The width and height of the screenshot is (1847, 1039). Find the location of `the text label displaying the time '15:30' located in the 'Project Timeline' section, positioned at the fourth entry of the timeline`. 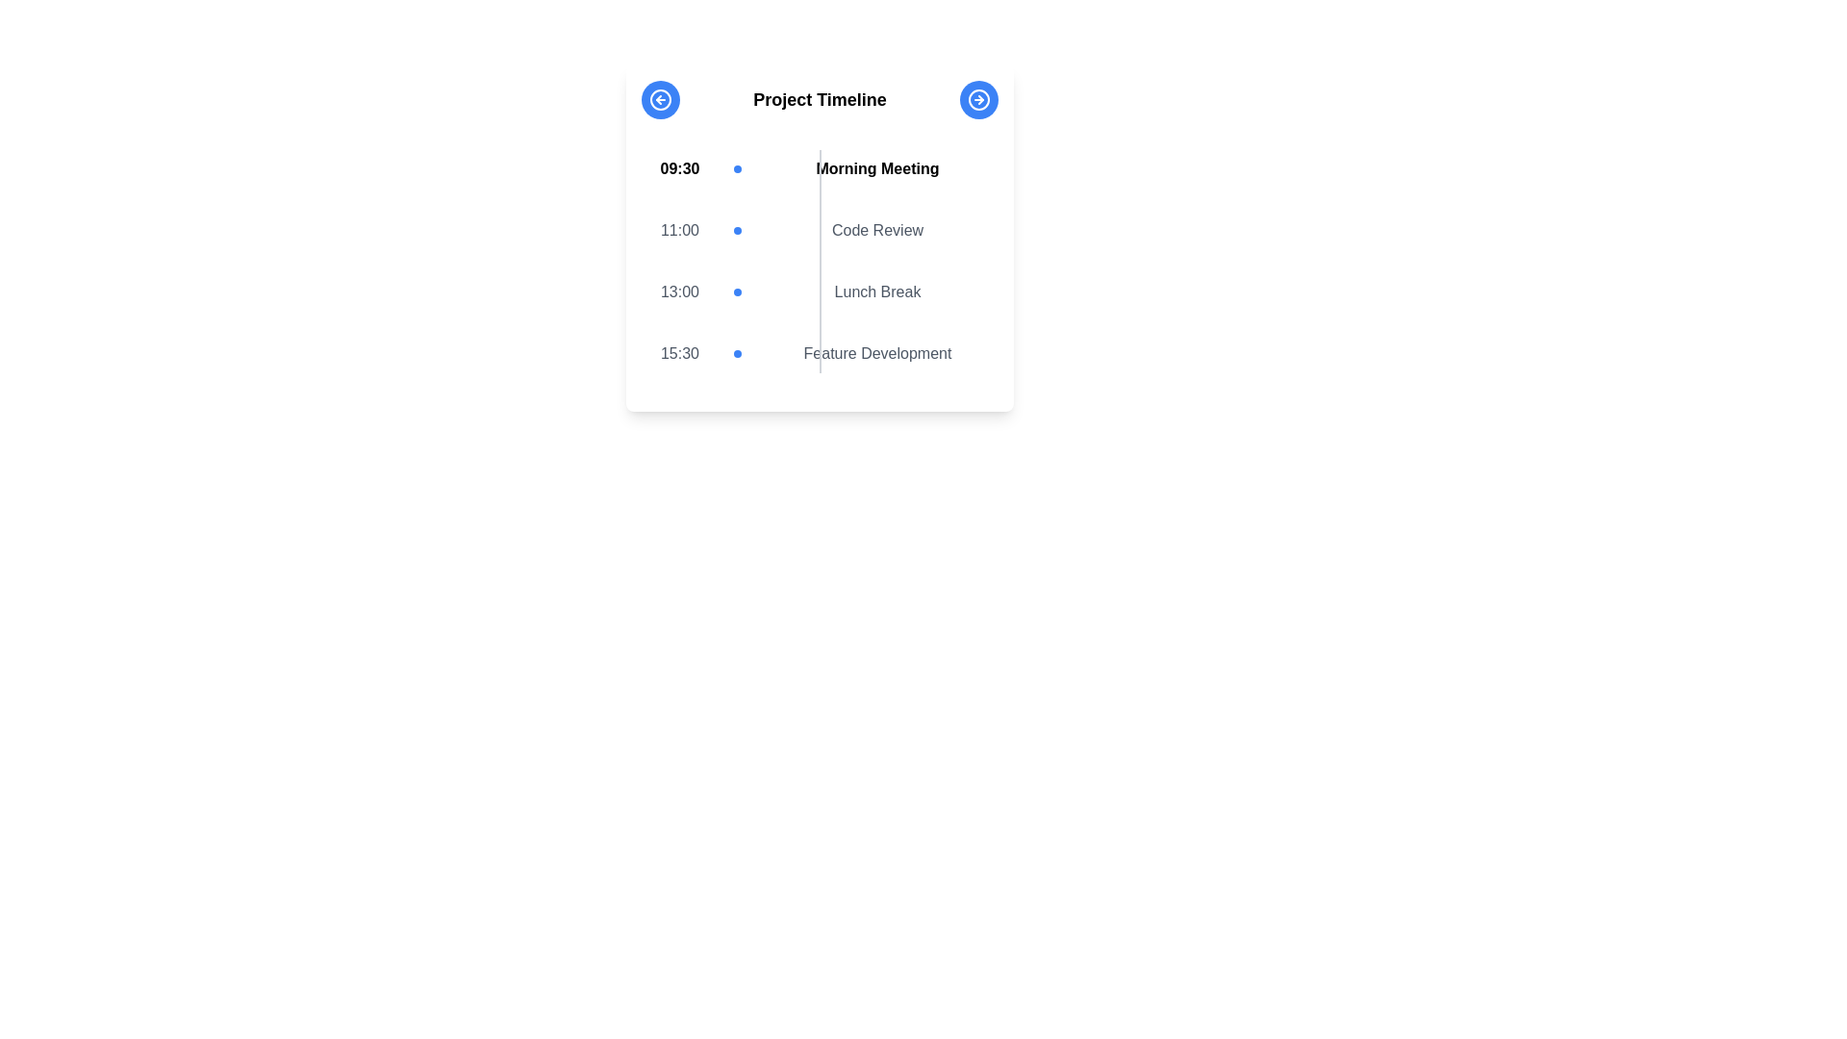

the text label displaying the time '15:30' located in the 'Project Timeline' section, positioned at the fourth entry of the timeline is located at coordinates (679, 353).